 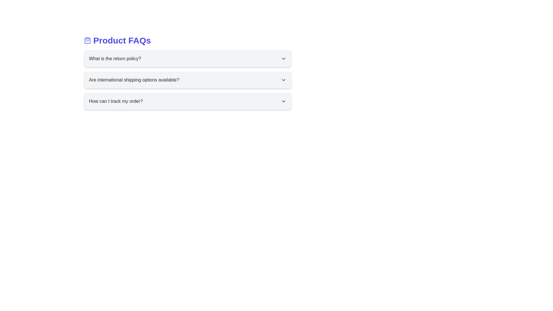 I want to click on the Text Label that serves as a title for the 'Product FAQs' section, located to the right of the shopping bag icon, so click(x=122, y=40).